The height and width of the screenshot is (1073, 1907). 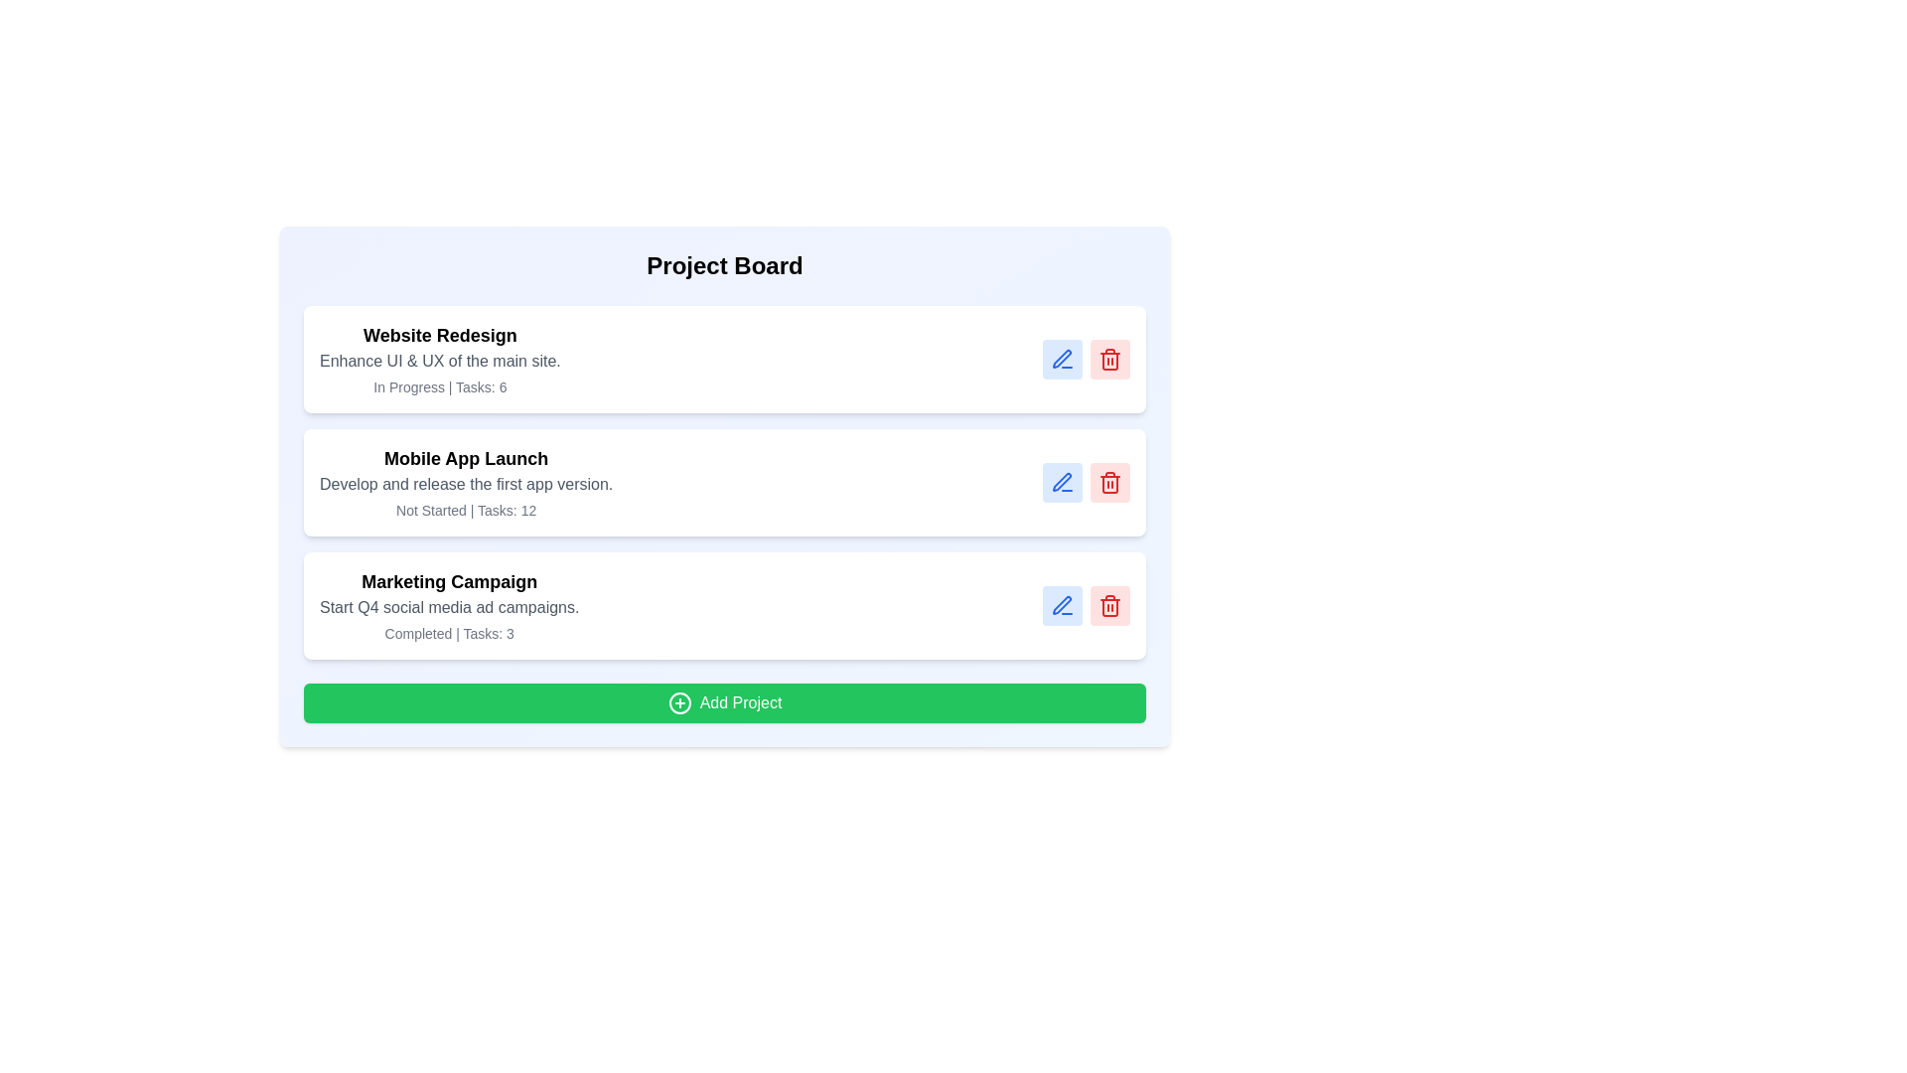 What do you see at coordinates (1062, 604) in the screenshot?
I see `the edit button for the project 'Marketing Campaign'` at bounding box center [1062, 604].